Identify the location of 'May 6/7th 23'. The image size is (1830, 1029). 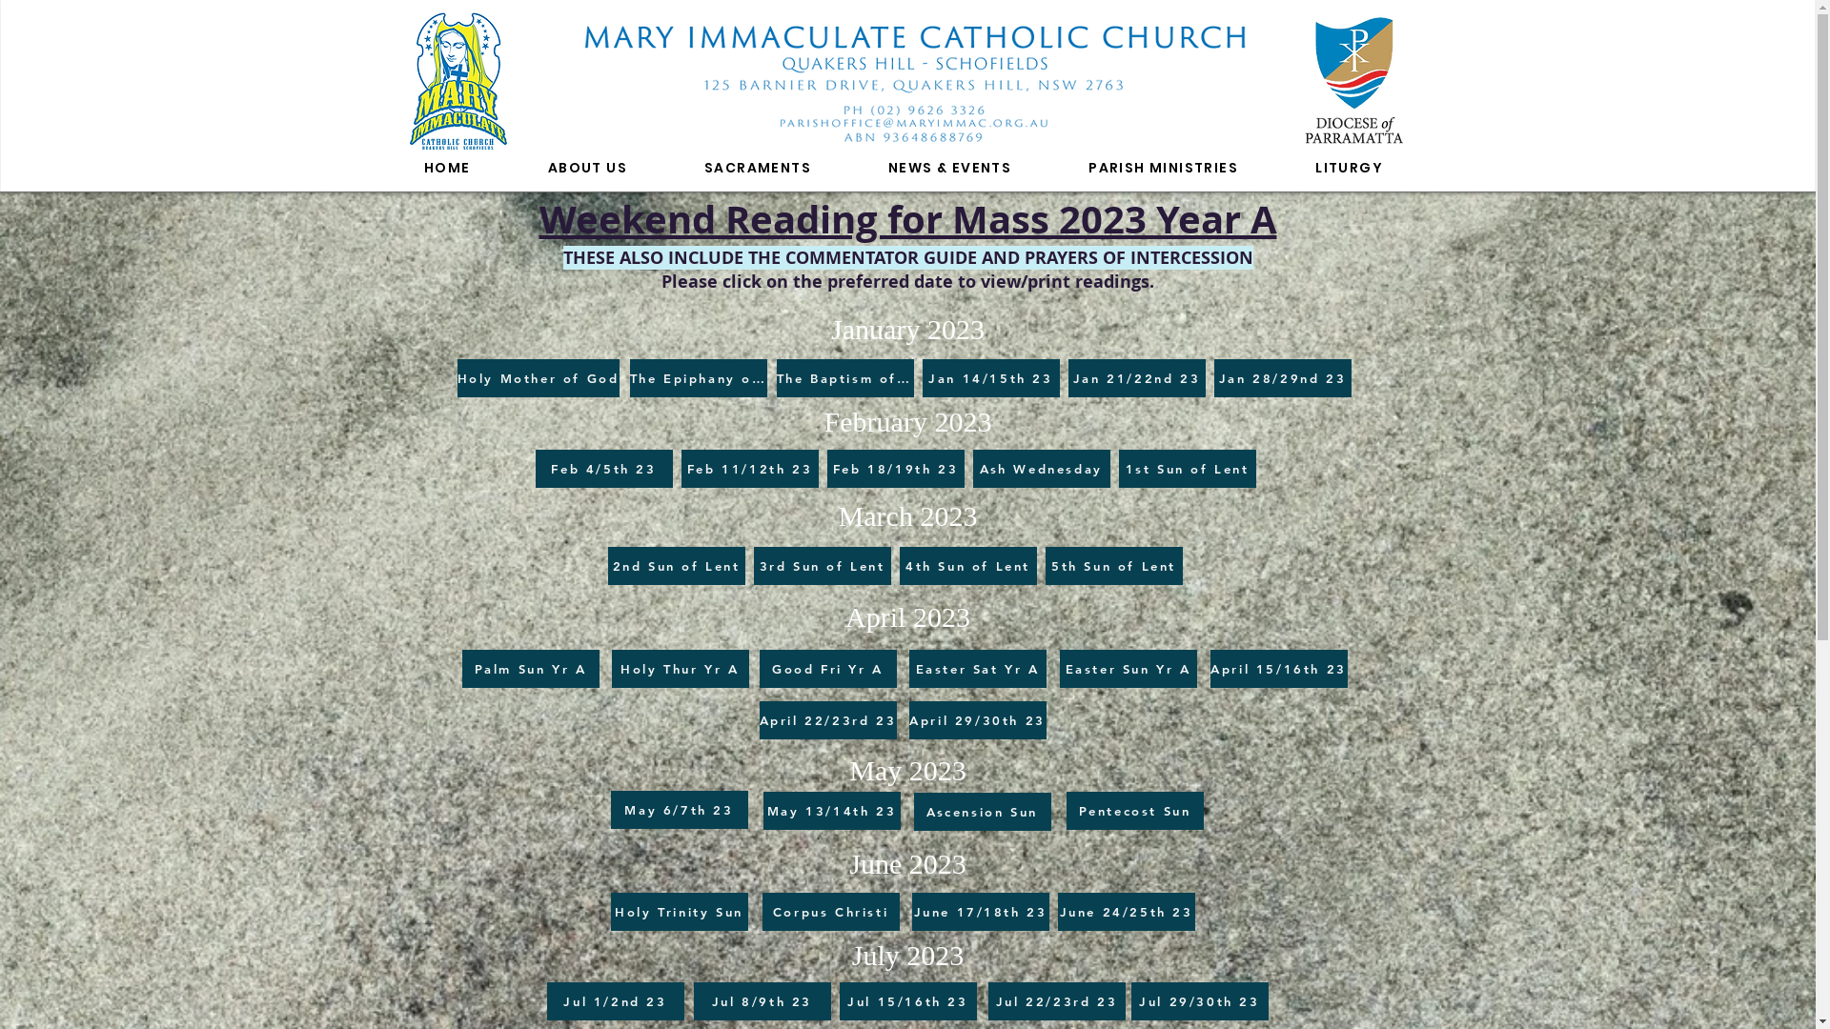
(678, 809).